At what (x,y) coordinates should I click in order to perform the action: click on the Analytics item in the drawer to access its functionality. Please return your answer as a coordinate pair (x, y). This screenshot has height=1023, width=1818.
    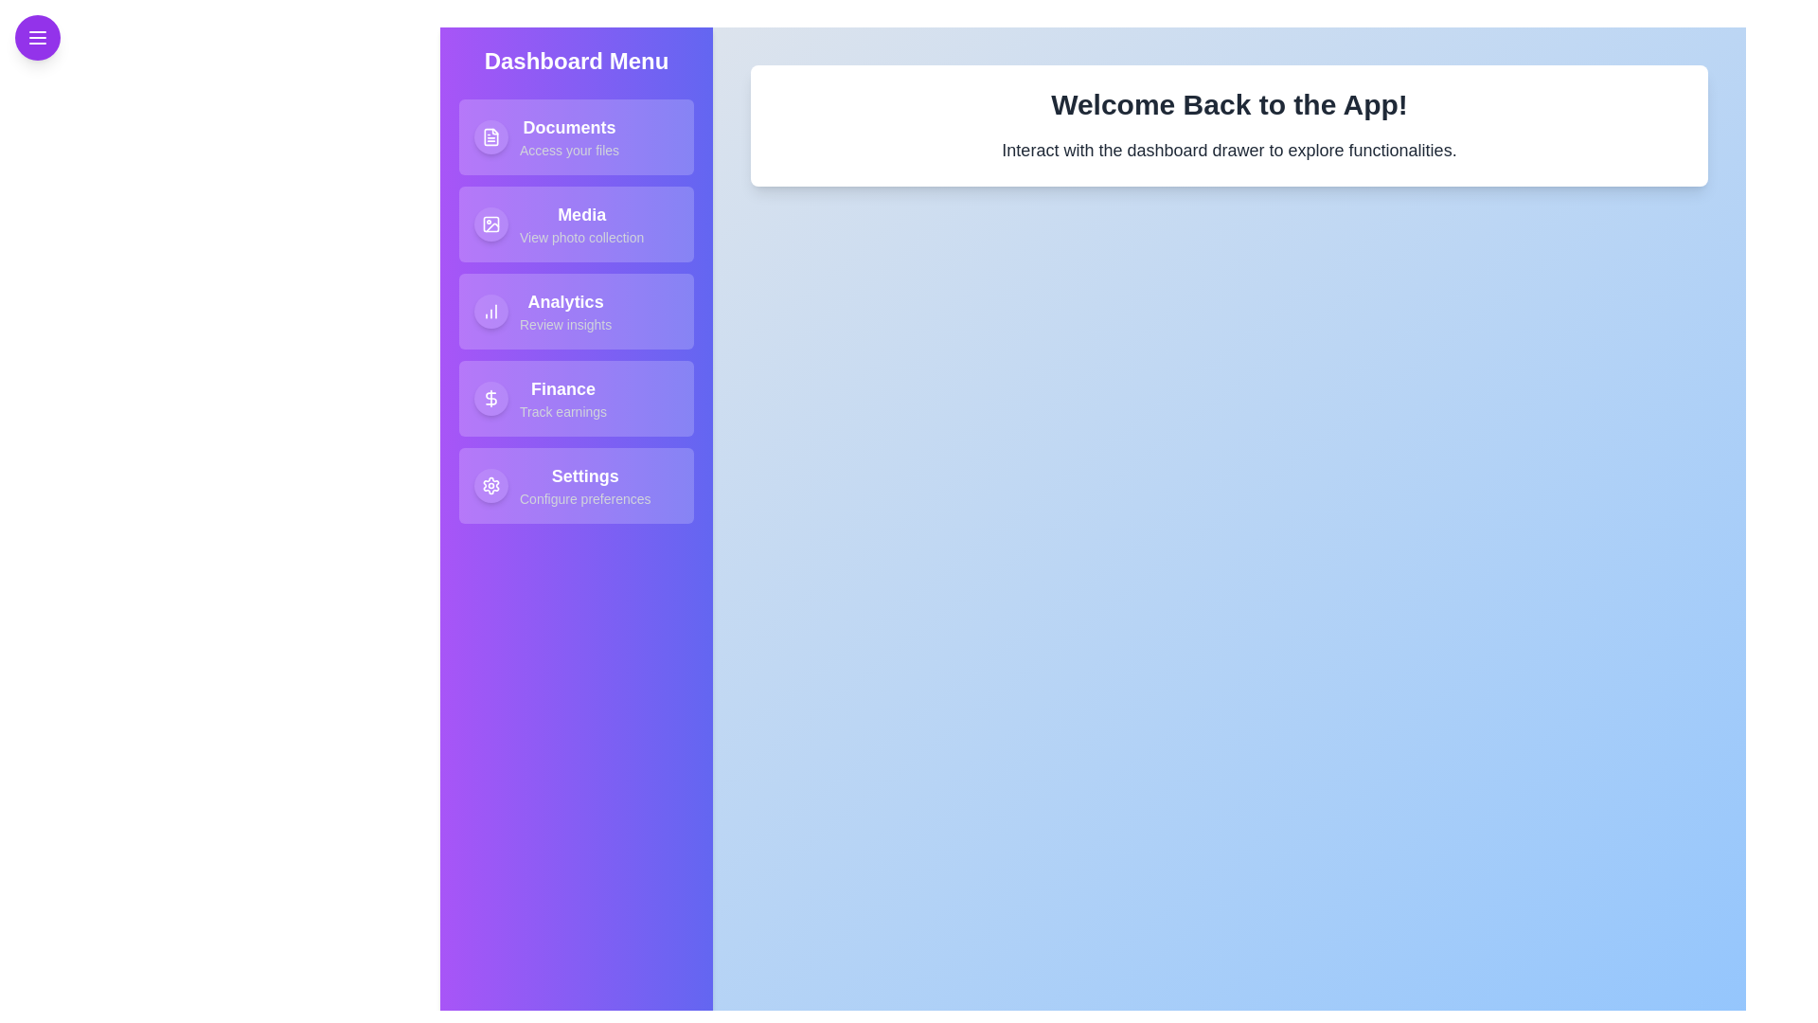
    Looking at the image, I should click on (576, 310).